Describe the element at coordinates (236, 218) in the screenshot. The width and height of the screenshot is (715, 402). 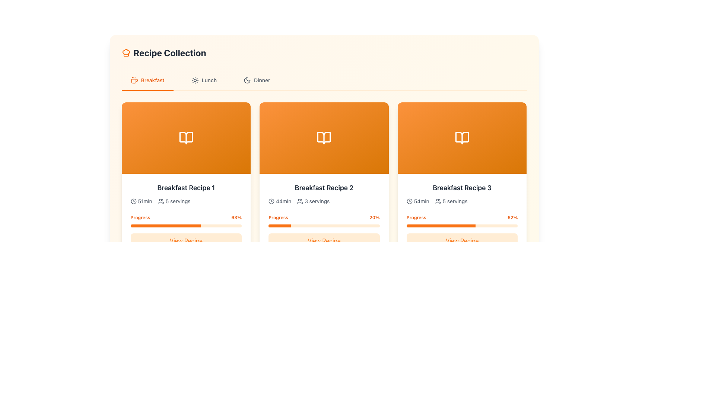
I see `the label displaying '63%' in bold, small-sized orange font, located above the progress bar in the 'Breakfast Recipe 3' card` at that location.